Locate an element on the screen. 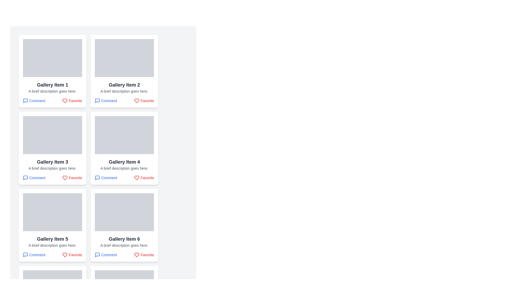  the speech bubble icon indicating comments, located in the 'Comment' grouping of the second card in the third row is located at coordinates (97, 178).